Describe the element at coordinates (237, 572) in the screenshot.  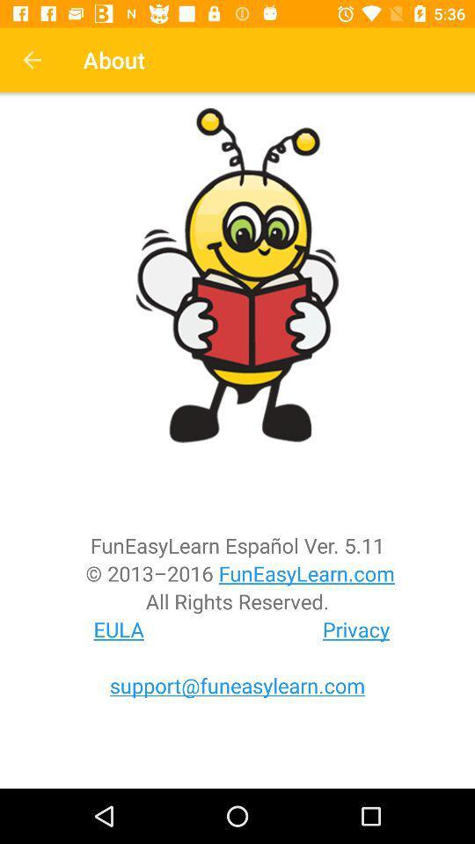
I see `the 2013 2016 funeasylearn icon` at that location.